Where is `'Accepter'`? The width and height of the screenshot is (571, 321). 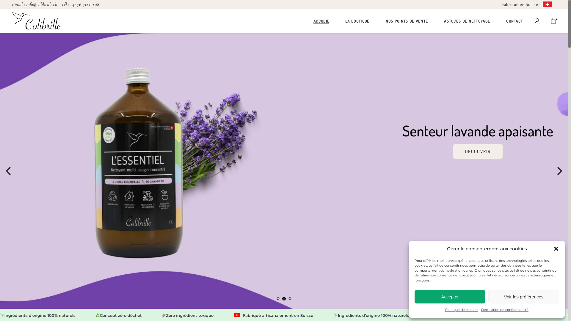
'Accepter' is located at coordinates (414, 297).